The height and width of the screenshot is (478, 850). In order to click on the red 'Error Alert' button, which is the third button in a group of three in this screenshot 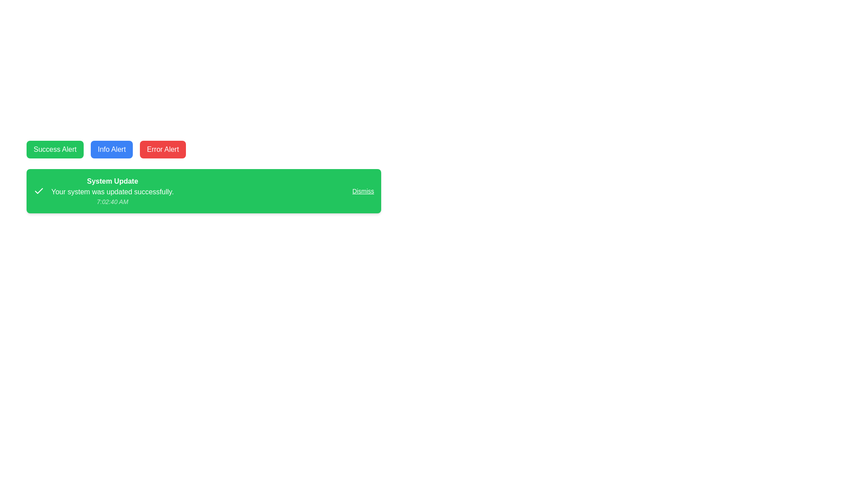, I will do `click(163, 149)`.